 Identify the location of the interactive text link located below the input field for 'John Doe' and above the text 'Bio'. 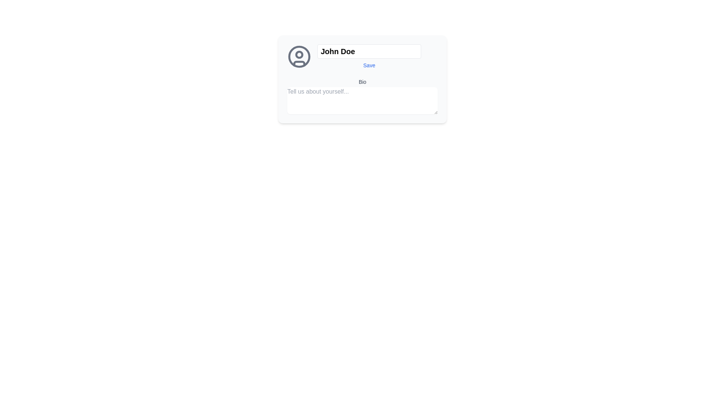
(369, 65).